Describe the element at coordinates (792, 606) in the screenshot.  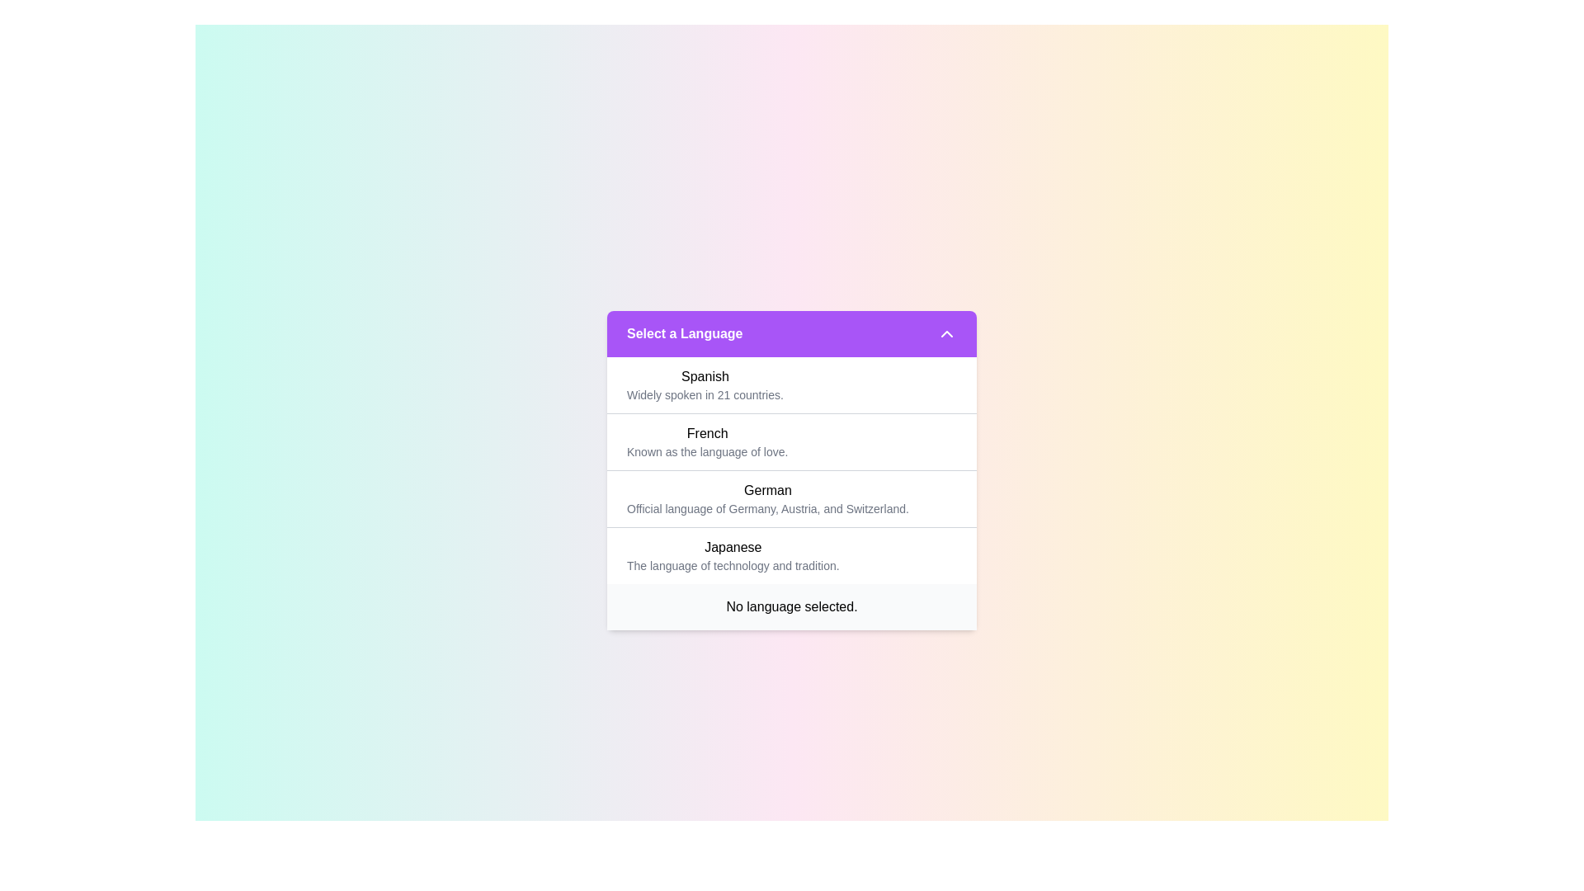
I see `the informational text that displays 'No language selected.' at the bottom of the 'Select a Language' dropdown panel` at that location.